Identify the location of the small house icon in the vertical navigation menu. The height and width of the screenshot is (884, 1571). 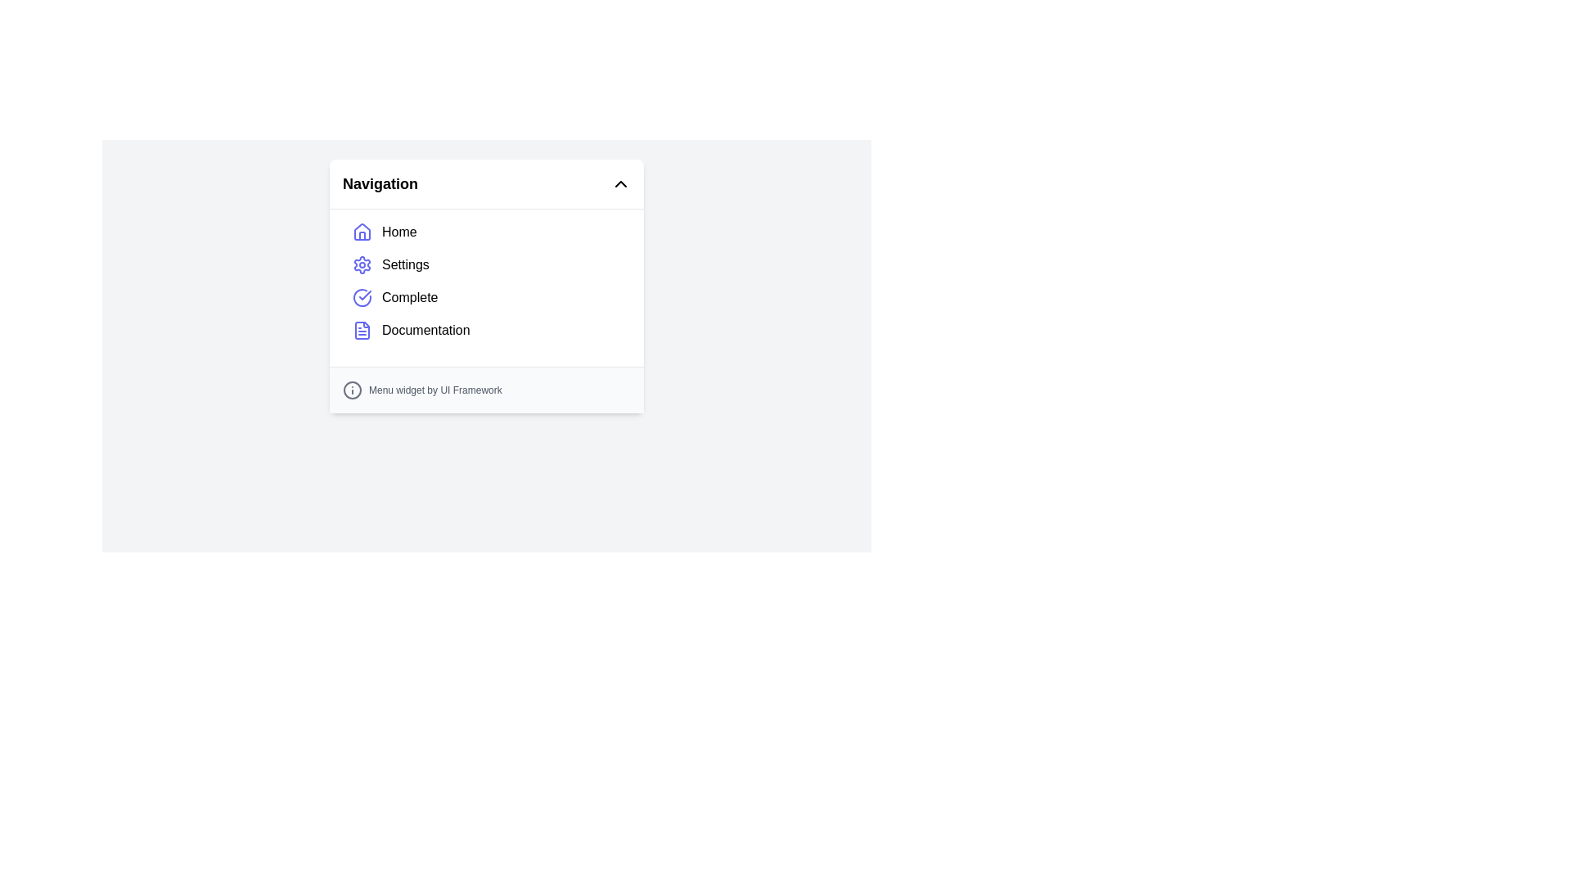
(361, 236).